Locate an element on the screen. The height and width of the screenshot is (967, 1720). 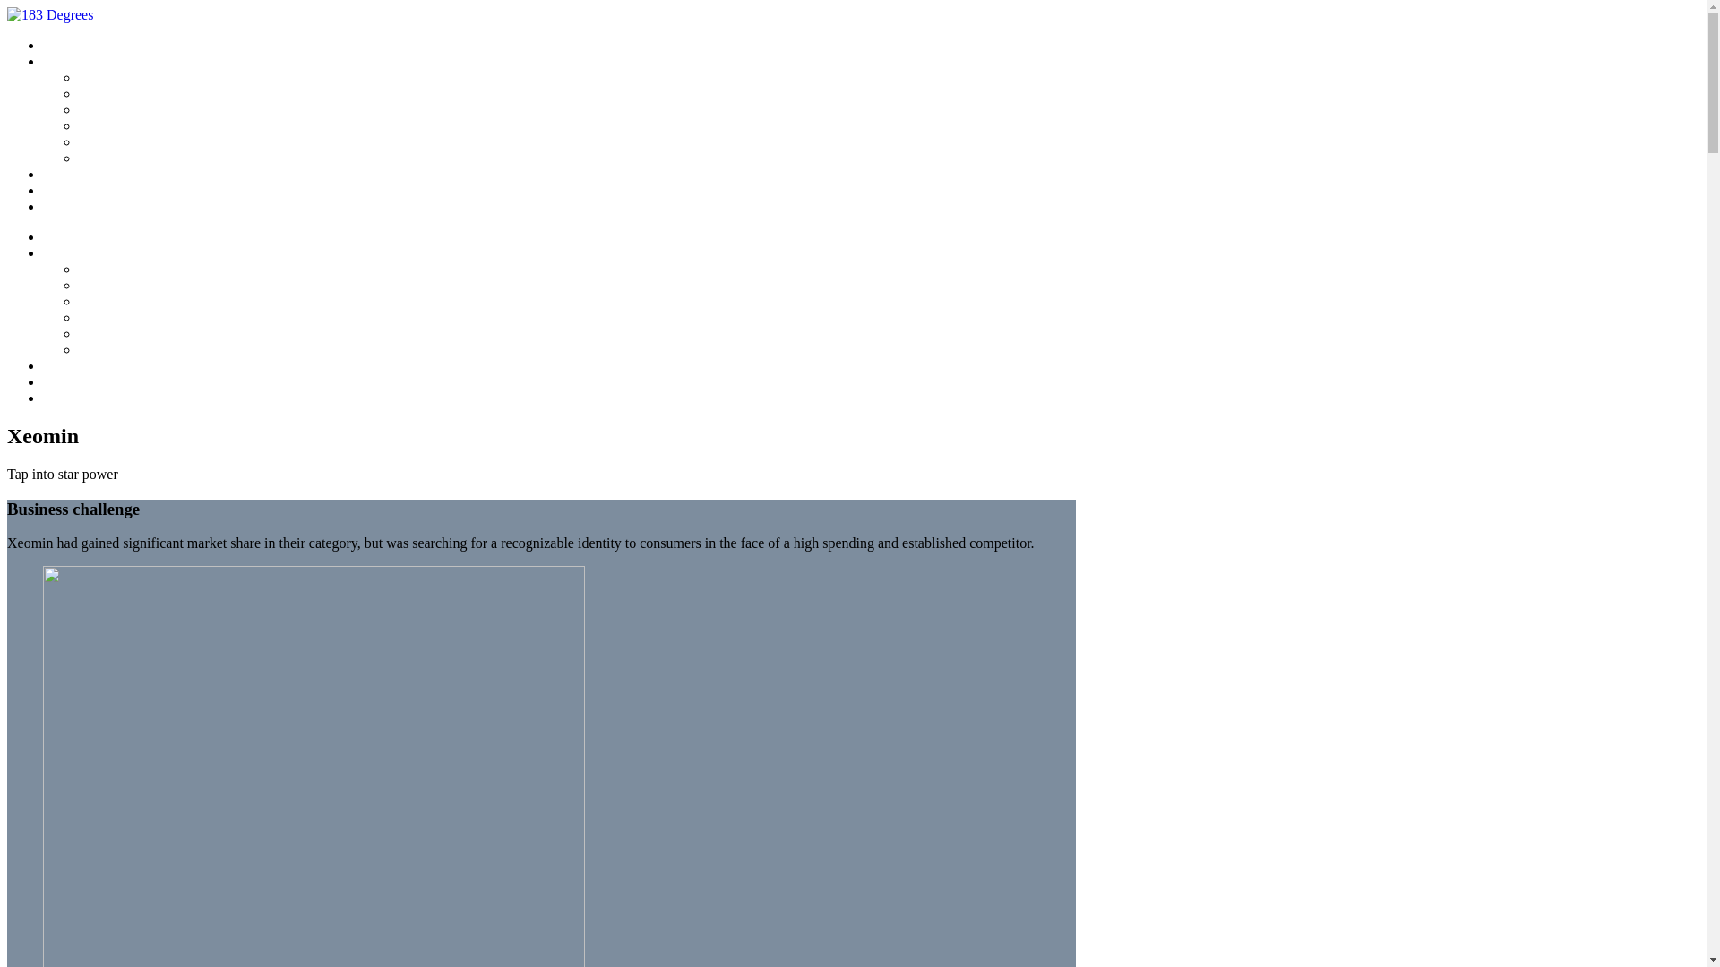
'Hill Physicians' is located at coordinates (118, 285).